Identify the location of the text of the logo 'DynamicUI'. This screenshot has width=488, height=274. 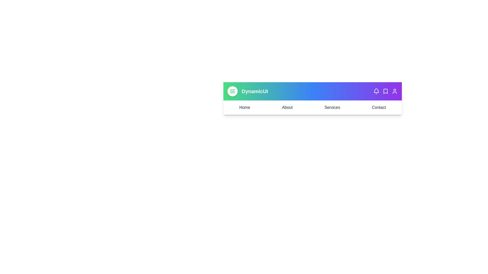
(255, 91).